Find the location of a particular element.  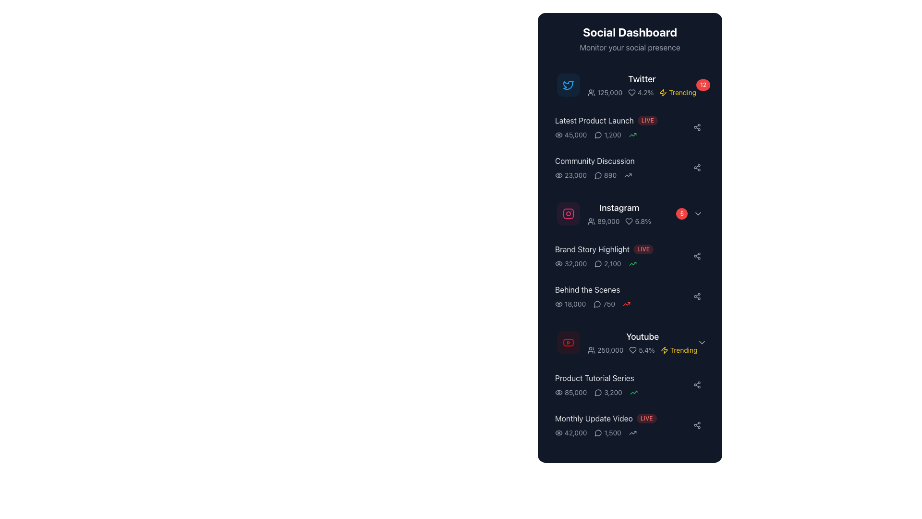

numerical metric indicating the number of views next to the icon in the last row of the list item for 'Monthly Update Video' is located at coordinates (571, 433).